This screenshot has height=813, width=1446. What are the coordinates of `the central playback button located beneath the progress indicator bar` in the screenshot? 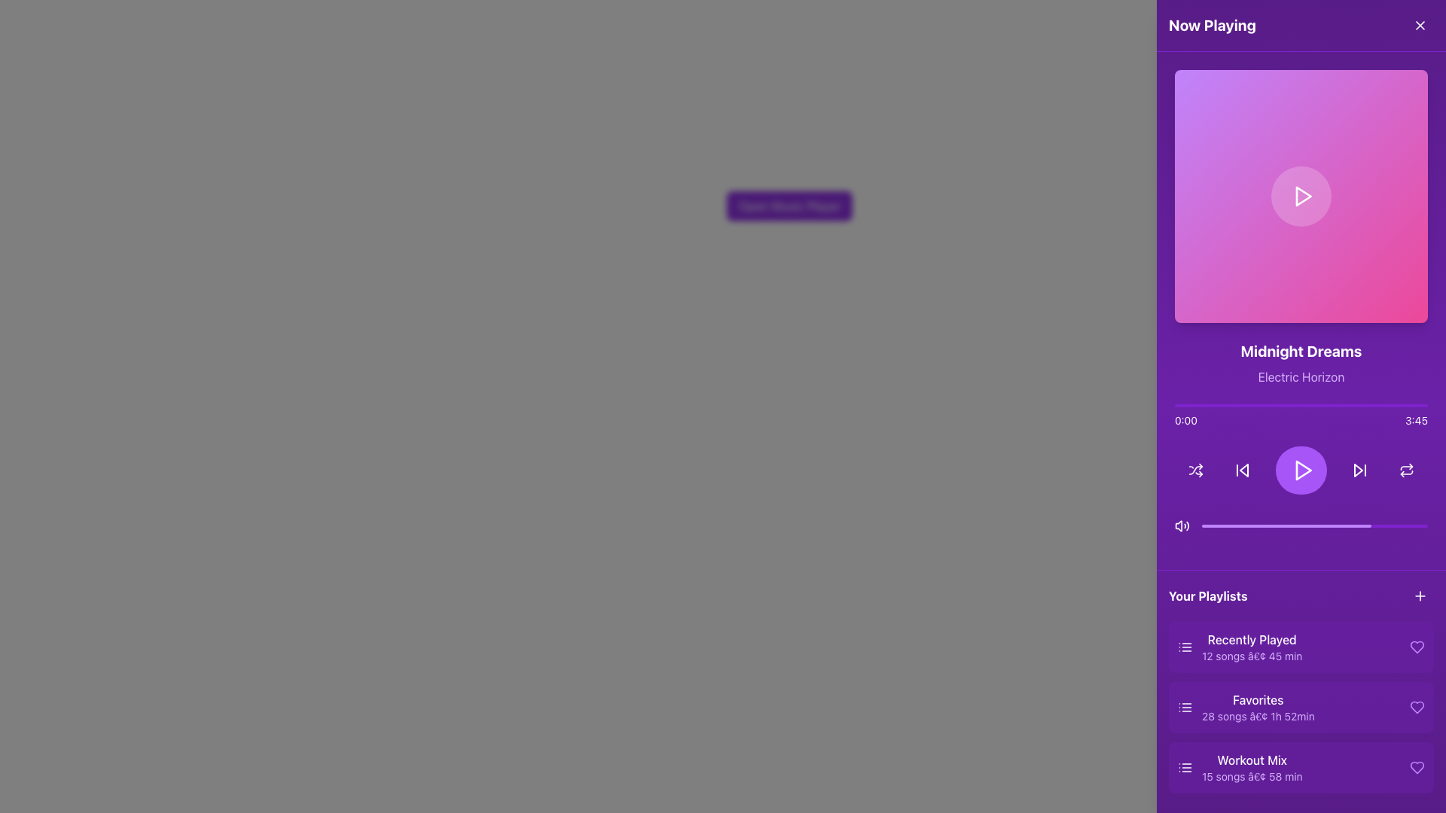 It's located at (1301, 469).